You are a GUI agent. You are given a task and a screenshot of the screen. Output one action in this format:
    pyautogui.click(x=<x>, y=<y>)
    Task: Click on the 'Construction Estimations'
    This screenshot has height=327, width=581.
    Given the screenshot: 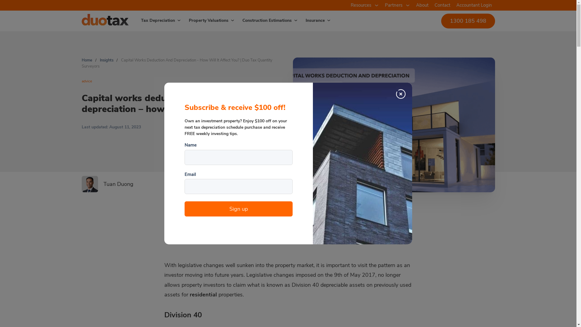 What is the action you would take?
    pyautogui.click(x=263, y=20)
    